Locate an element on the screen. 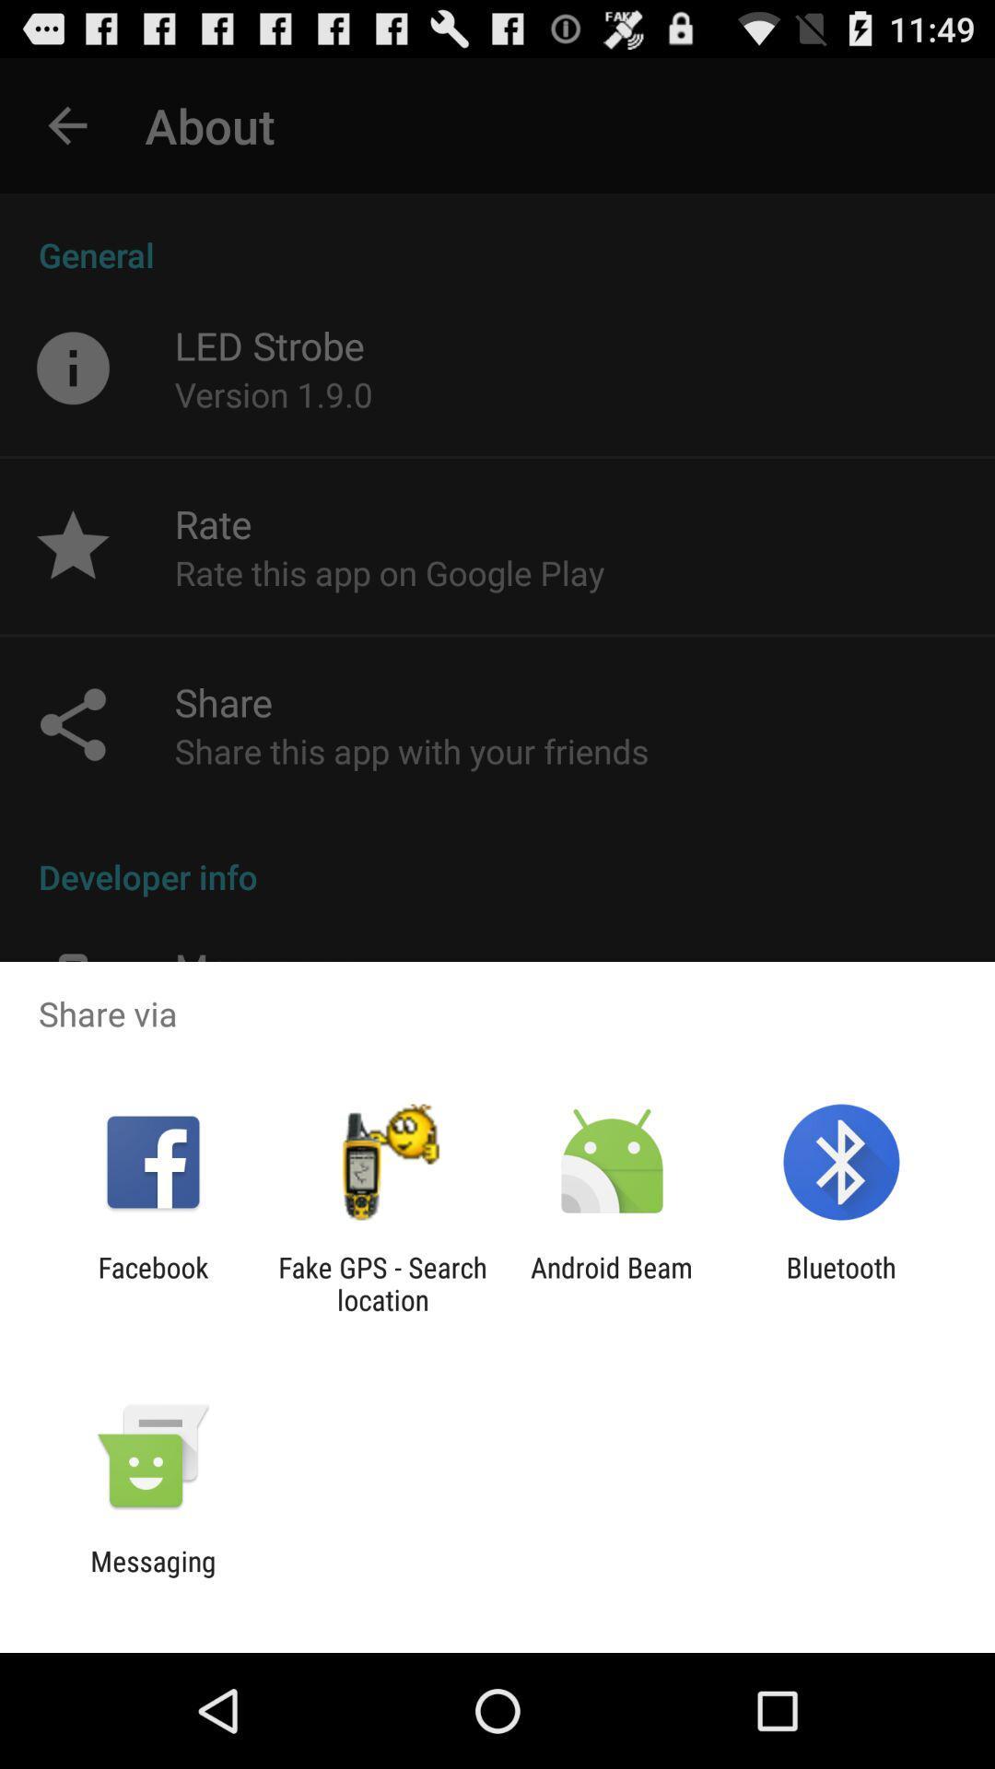  the item at the bottom right corner is located at coordinates (841, 1283).